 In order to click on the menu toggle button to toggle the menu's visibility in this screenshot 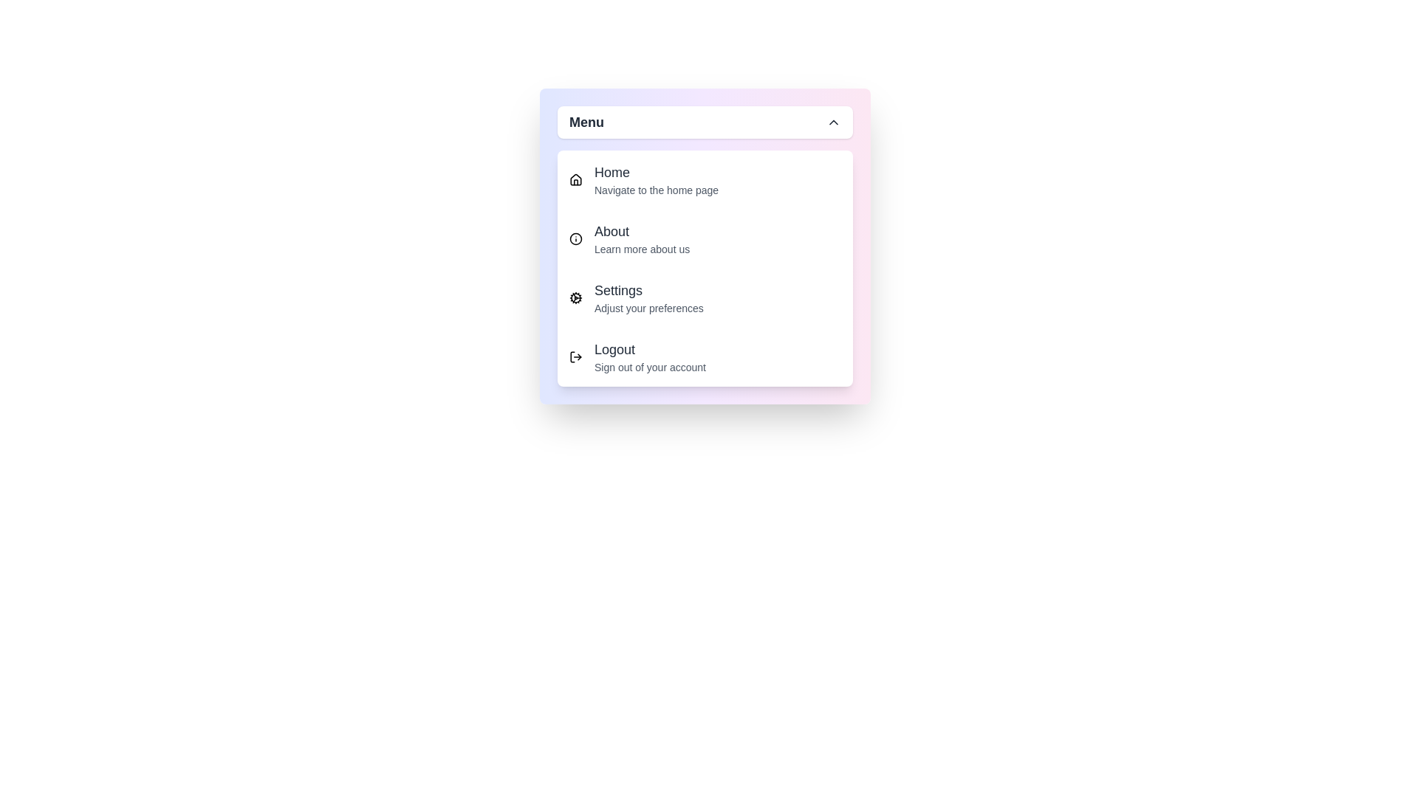, I will do `click(705, 121)`.